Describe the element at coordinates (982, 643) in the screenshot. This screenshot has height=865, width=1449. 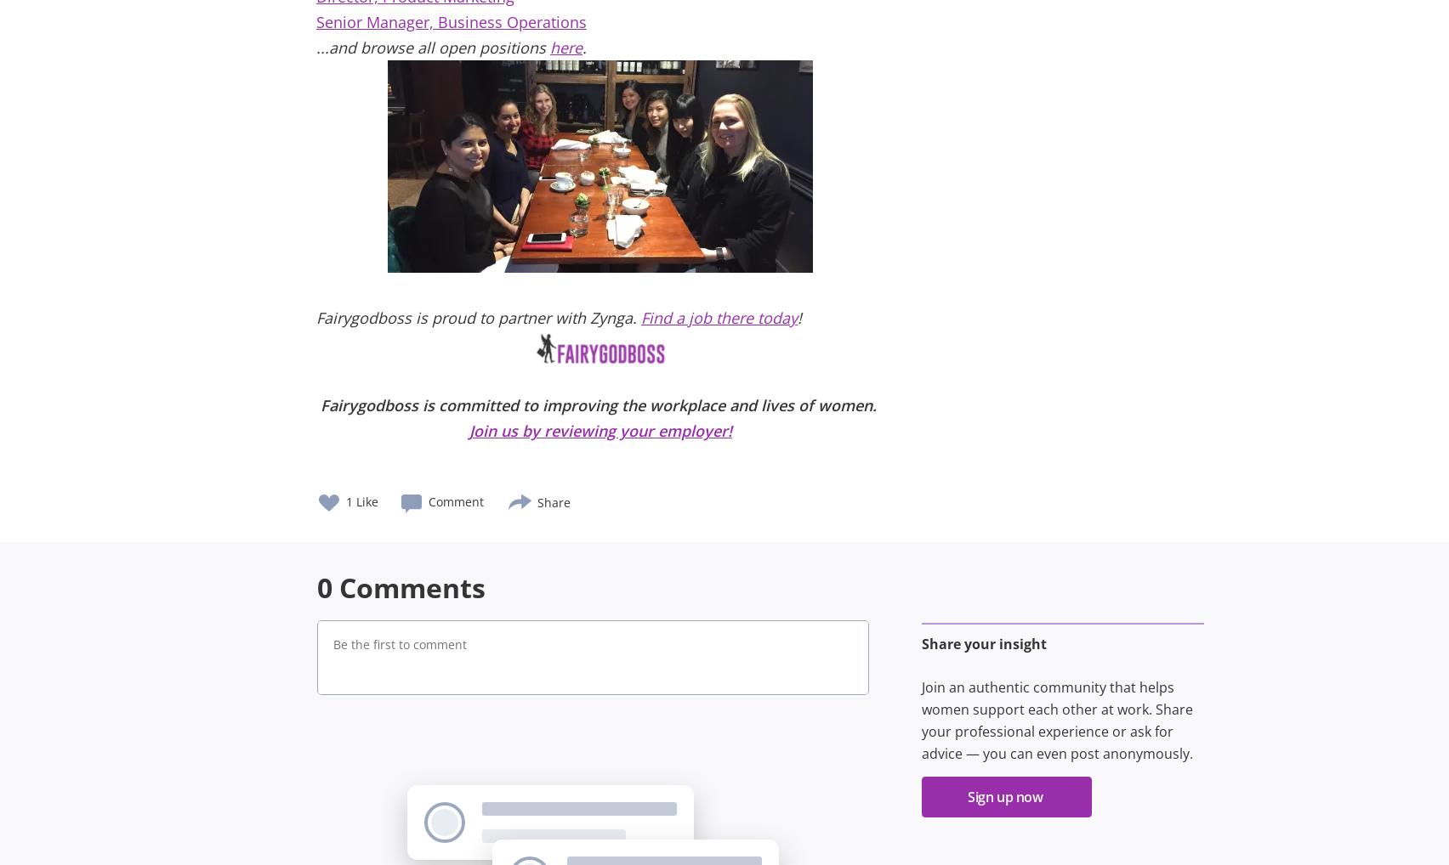
I see `'Share your insight'` at that location.